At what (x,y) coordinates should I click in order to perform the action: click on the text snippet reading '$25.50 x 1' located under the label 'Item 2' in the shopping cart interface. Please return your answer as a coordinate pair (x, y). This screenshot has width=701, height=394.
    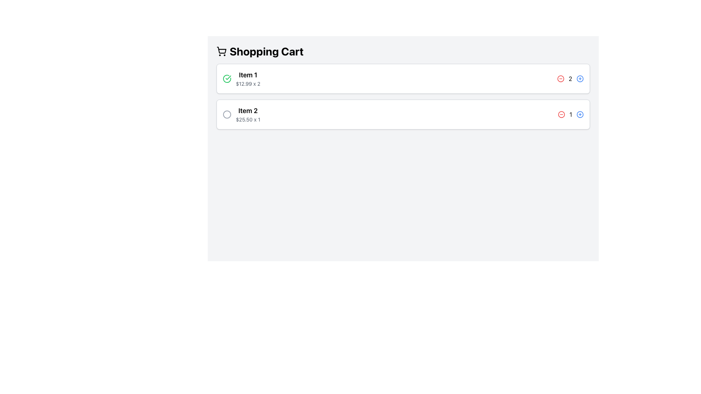
    Looking at the image, I should click on (248, 119).